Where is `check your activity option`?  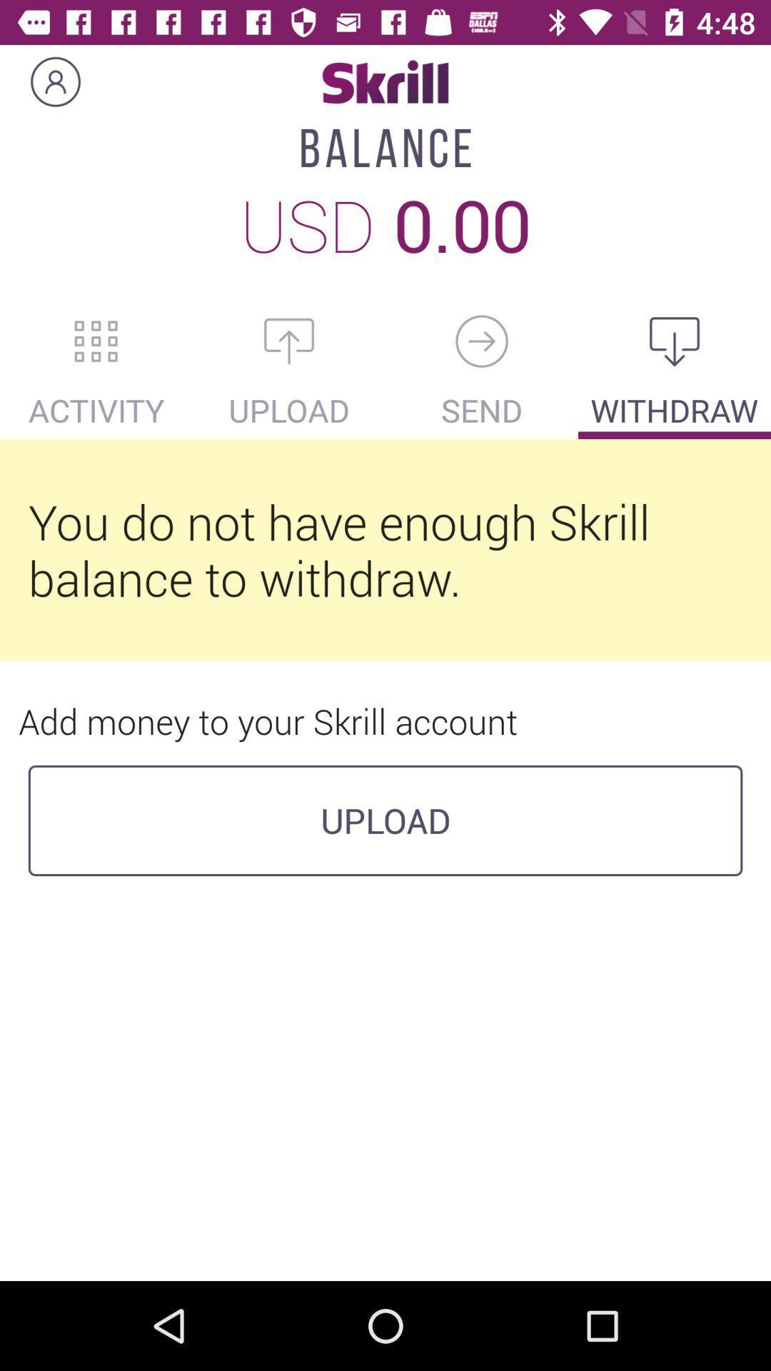 check your activity option is located at coordinates (96, 341).